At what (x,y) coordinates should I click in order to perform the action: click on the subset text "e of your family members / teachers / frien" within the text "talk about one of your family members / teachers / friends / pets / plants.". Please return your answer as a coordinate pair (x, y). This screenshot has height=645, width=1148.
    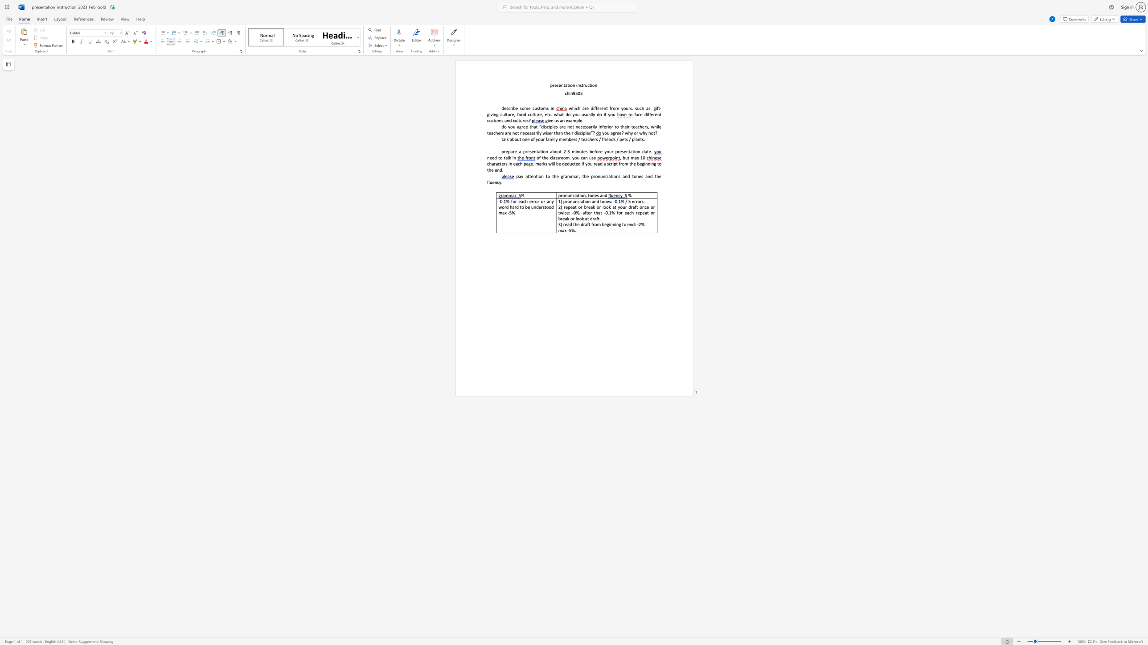
    Looking at the image, I should click on (527, 139).